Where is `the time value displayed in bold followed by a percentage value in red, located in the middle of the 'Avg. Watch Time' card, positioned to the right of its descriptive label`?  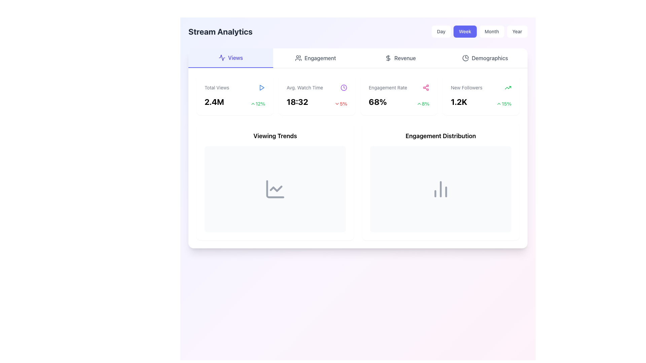 the time value displayed in bold followed by a percentage value in red, located in the middle of the 'Avg. Watch Time' card, positioned to the right of its descriptive label is located at coordinates (316, 102).